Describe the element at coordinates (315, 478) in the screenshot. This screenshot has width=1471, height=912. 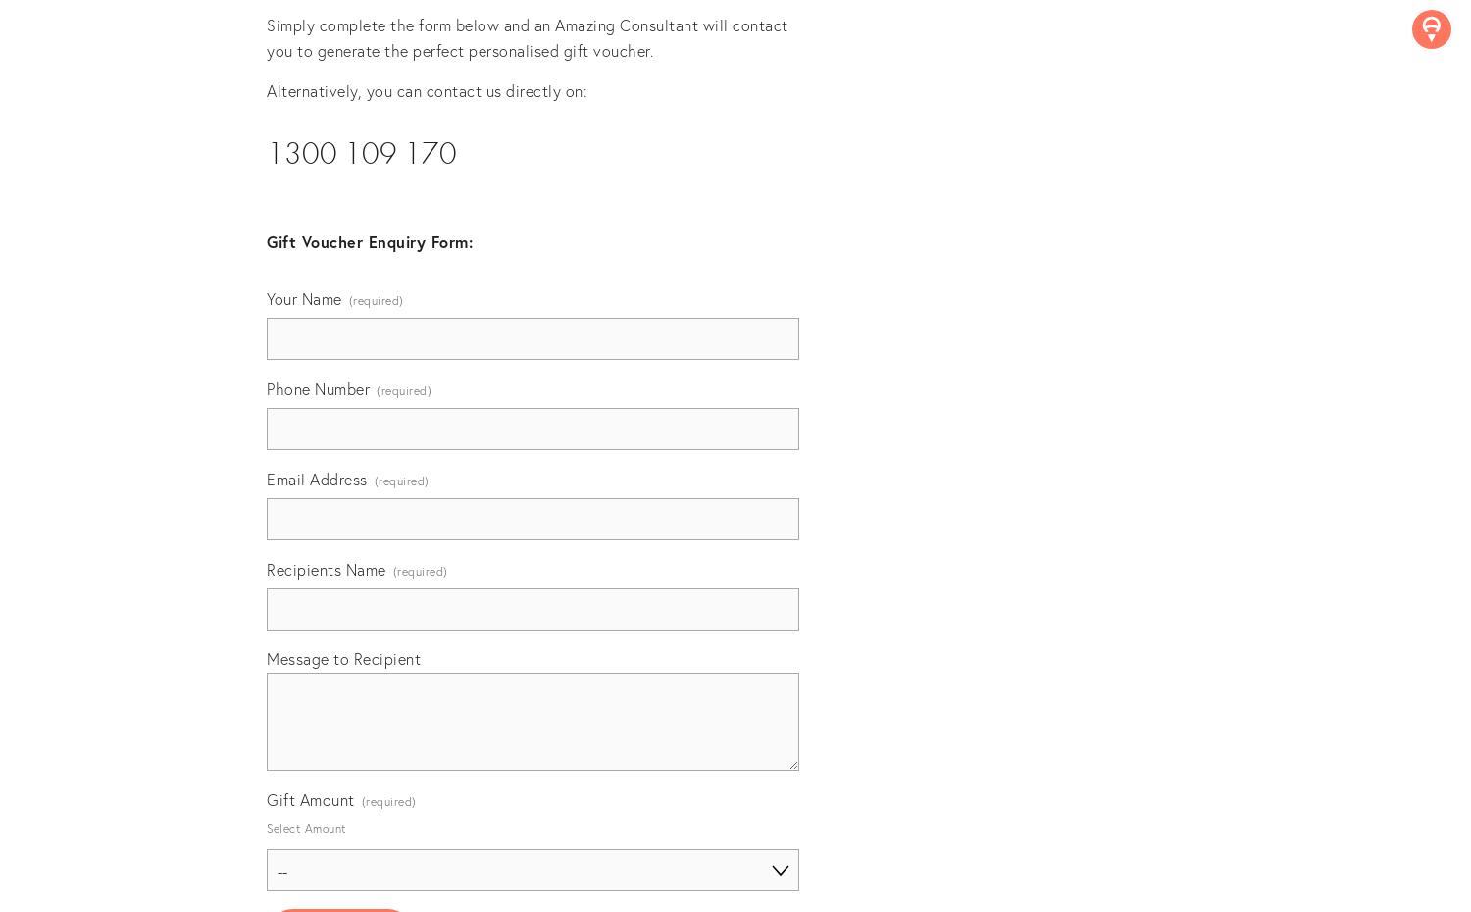
I see `'Email Address'` at that location.